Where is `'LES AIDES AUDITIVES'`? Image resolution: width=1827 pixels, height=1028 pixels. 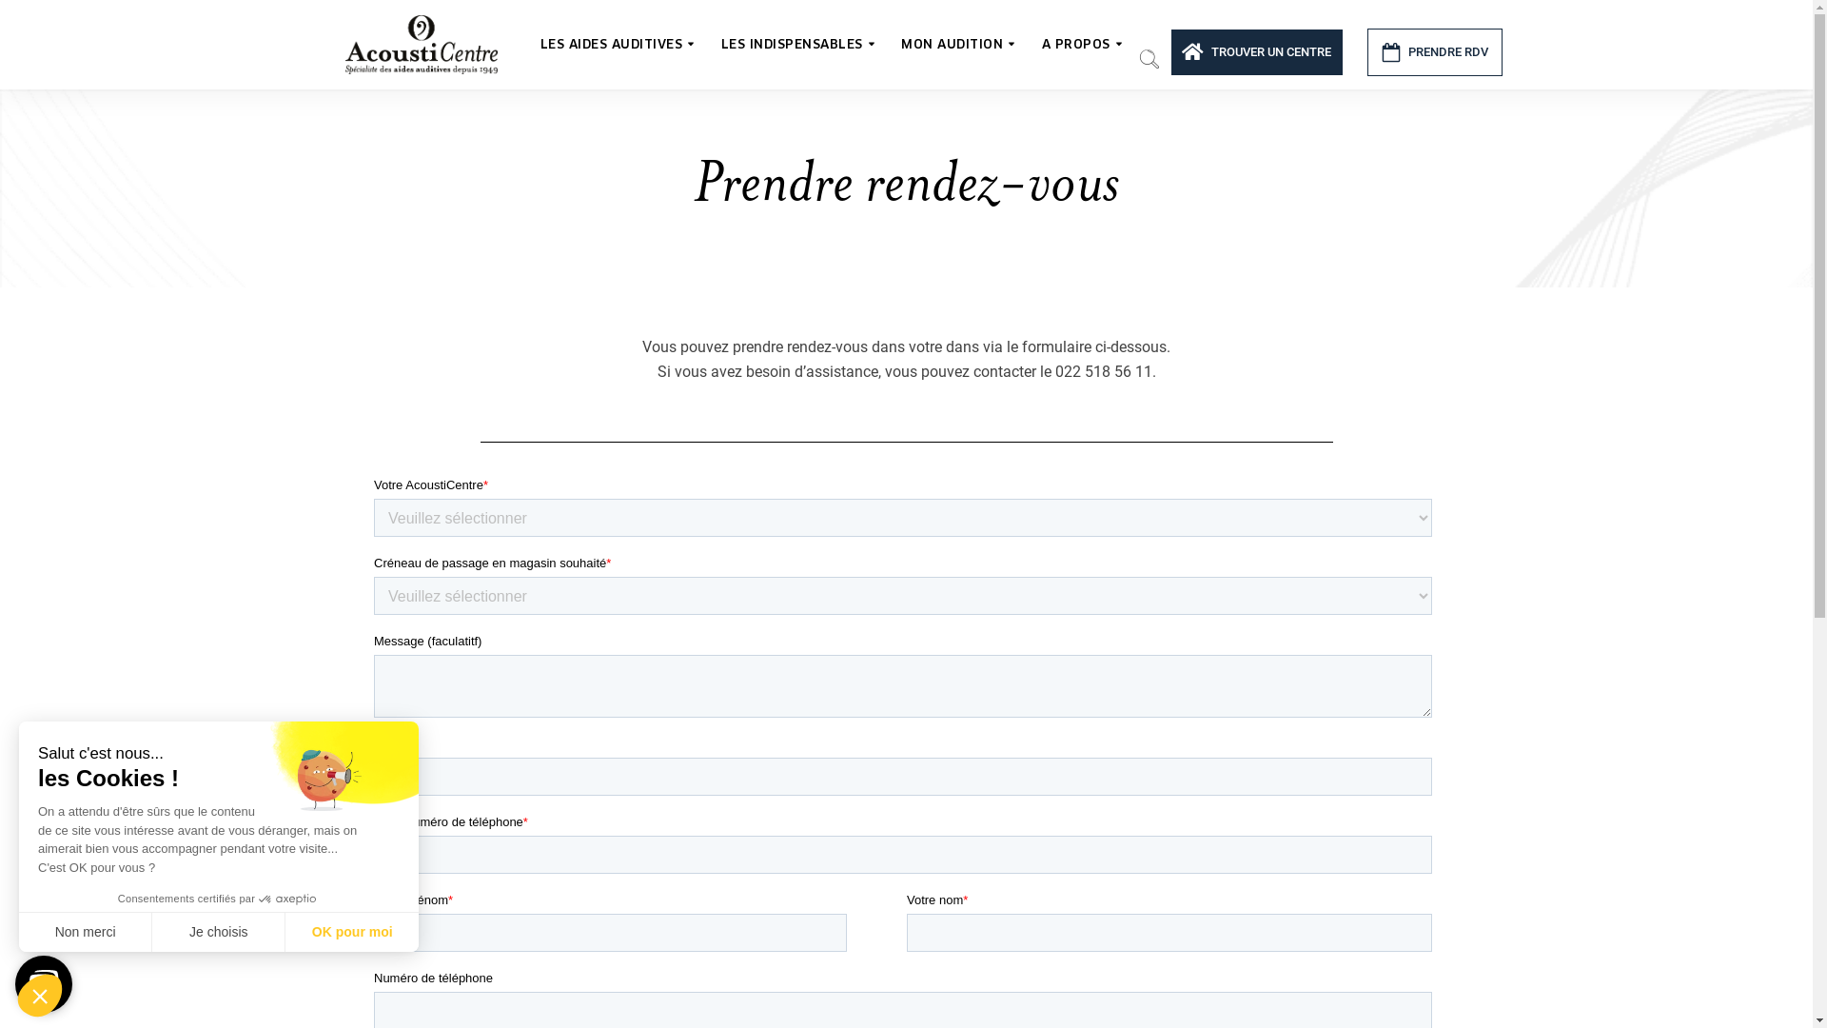
'LES AIDES AUDITIVES' is located at coordinates (533, 43).